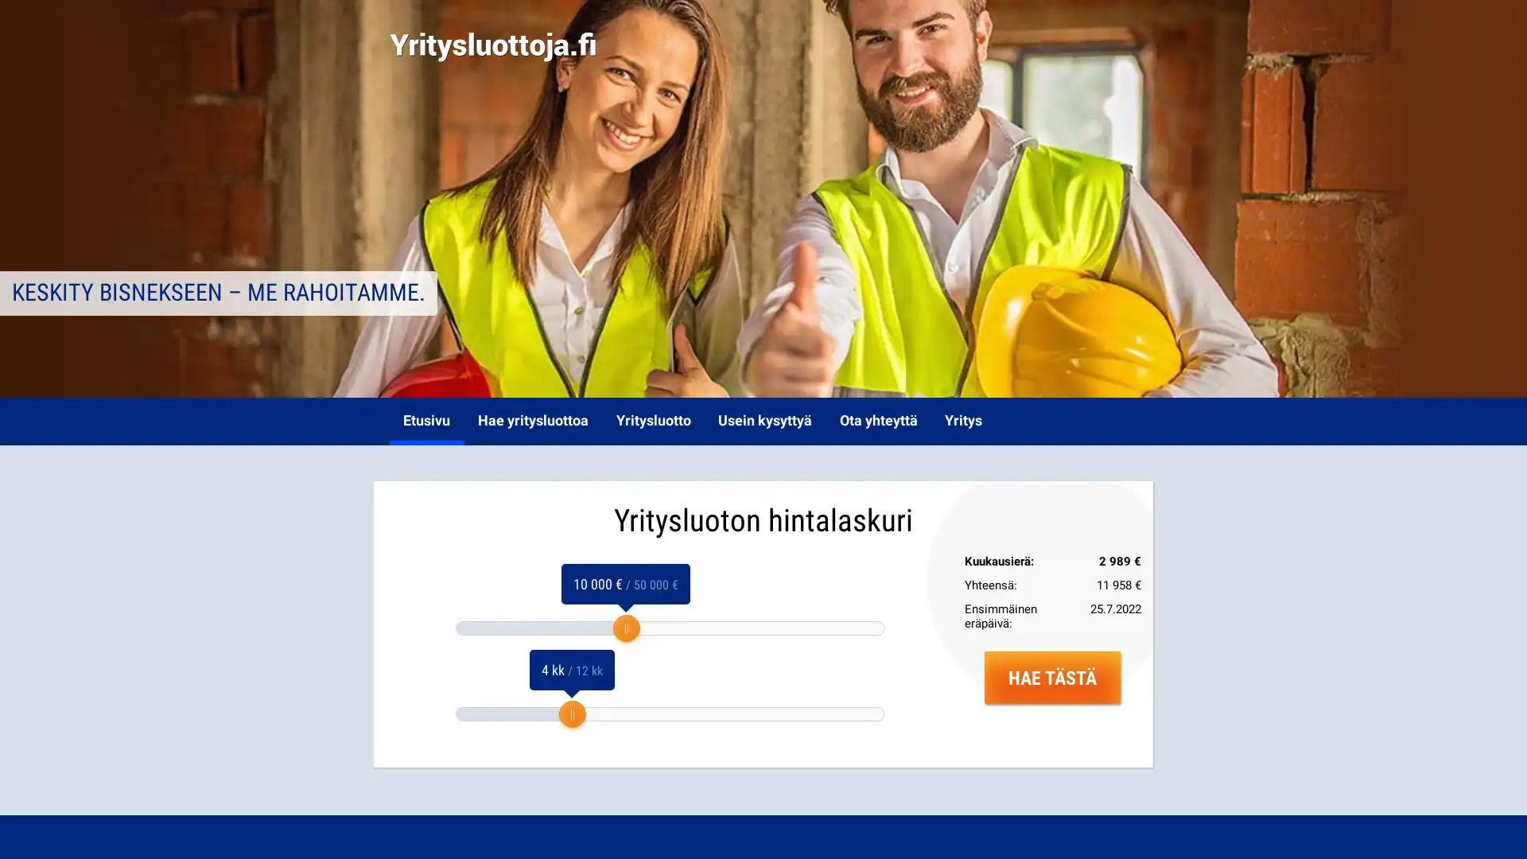 The width and height of the screenshot is (1527, 859). What do you see at coordinates (1052, 677) in the screenshot?
I see `Hae tasta` at bounding box center [1052, 677].